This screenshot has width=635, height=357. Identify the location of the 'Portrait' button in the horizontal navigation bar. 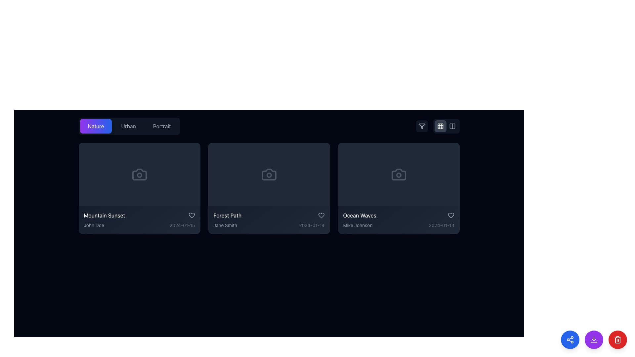
(129, 126).